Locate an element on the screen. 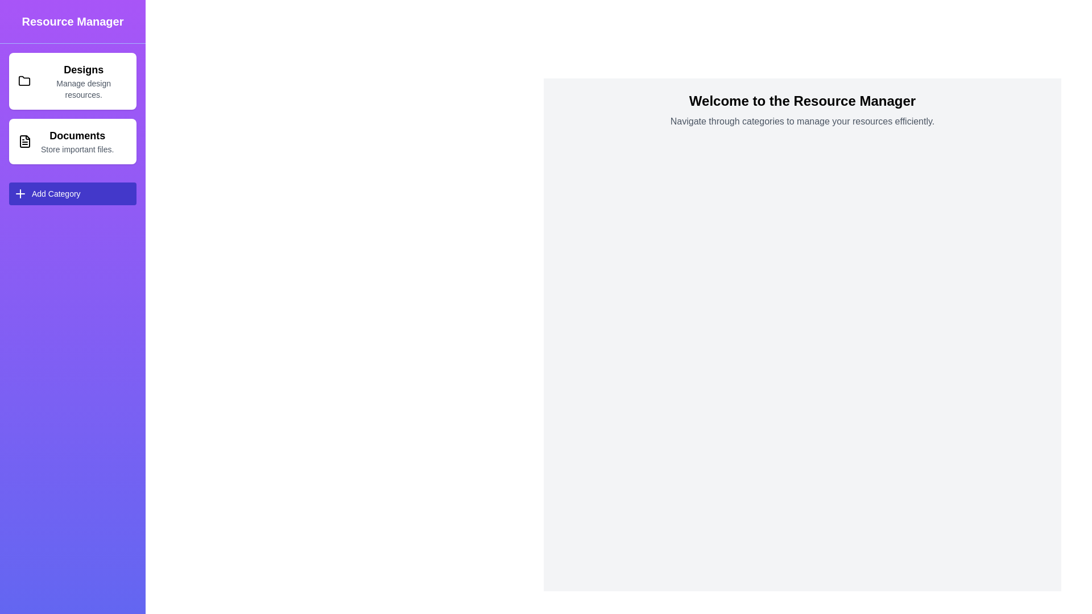 This screenshot has width=1092, height=614. the 'Documents' category to select it is located at coordinates (72, 141).